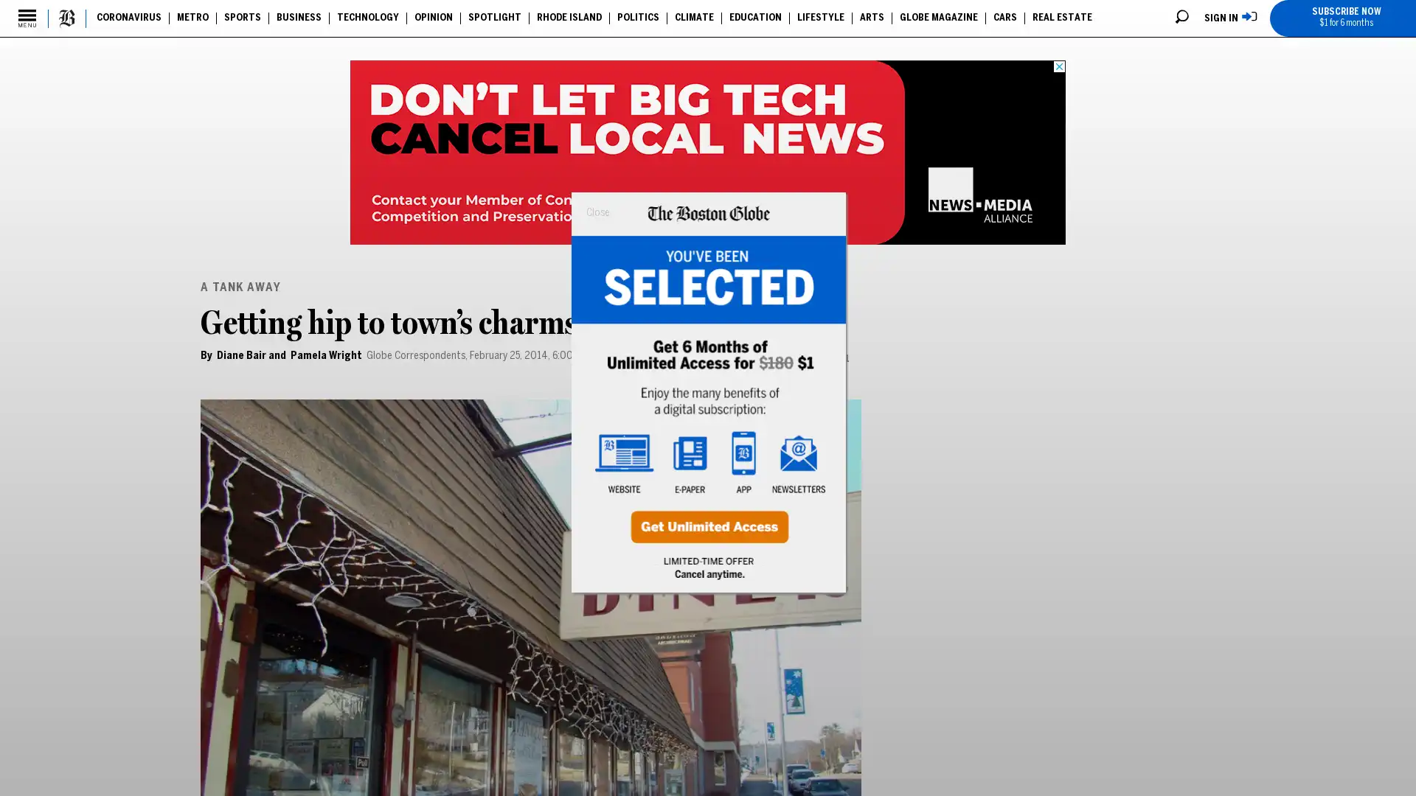  I want to click on Secondary Menu, so click(27, 18).